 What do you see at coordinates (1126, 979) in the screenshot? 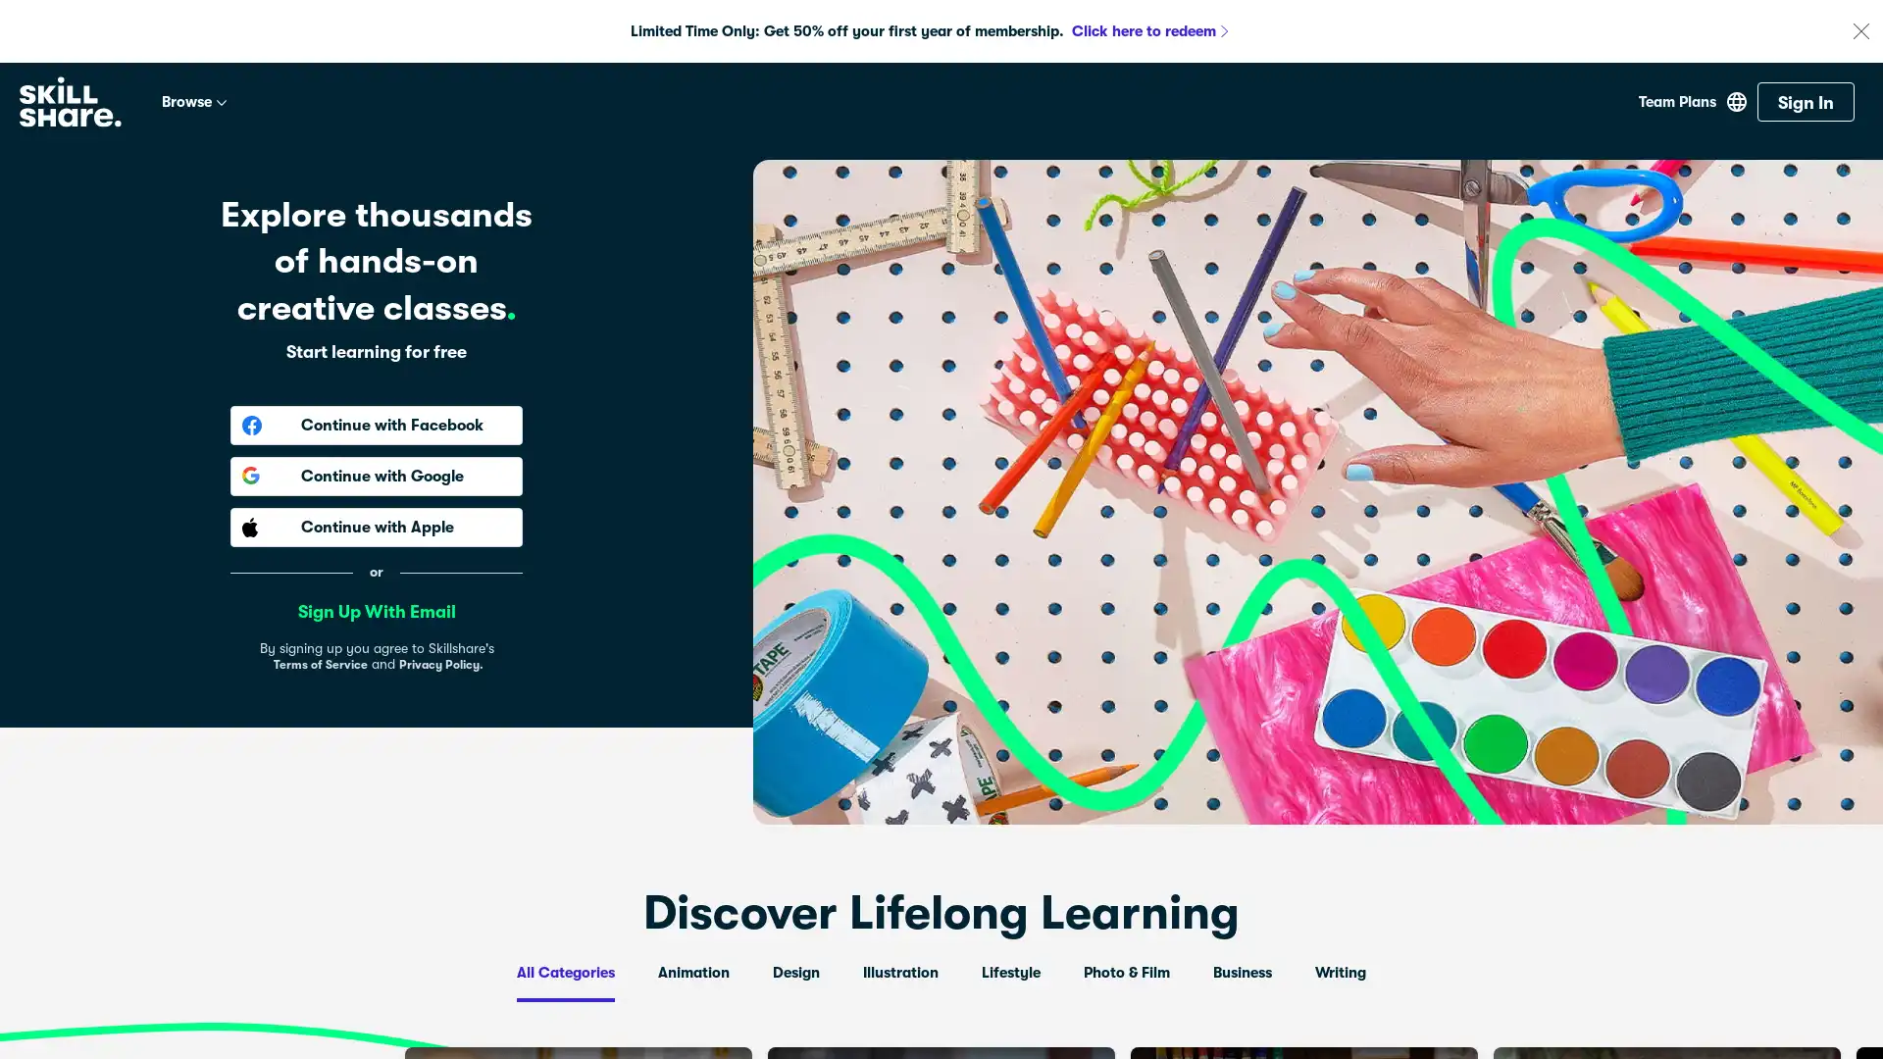
I see `Photo & Film` at bounding box center [1126, 979].